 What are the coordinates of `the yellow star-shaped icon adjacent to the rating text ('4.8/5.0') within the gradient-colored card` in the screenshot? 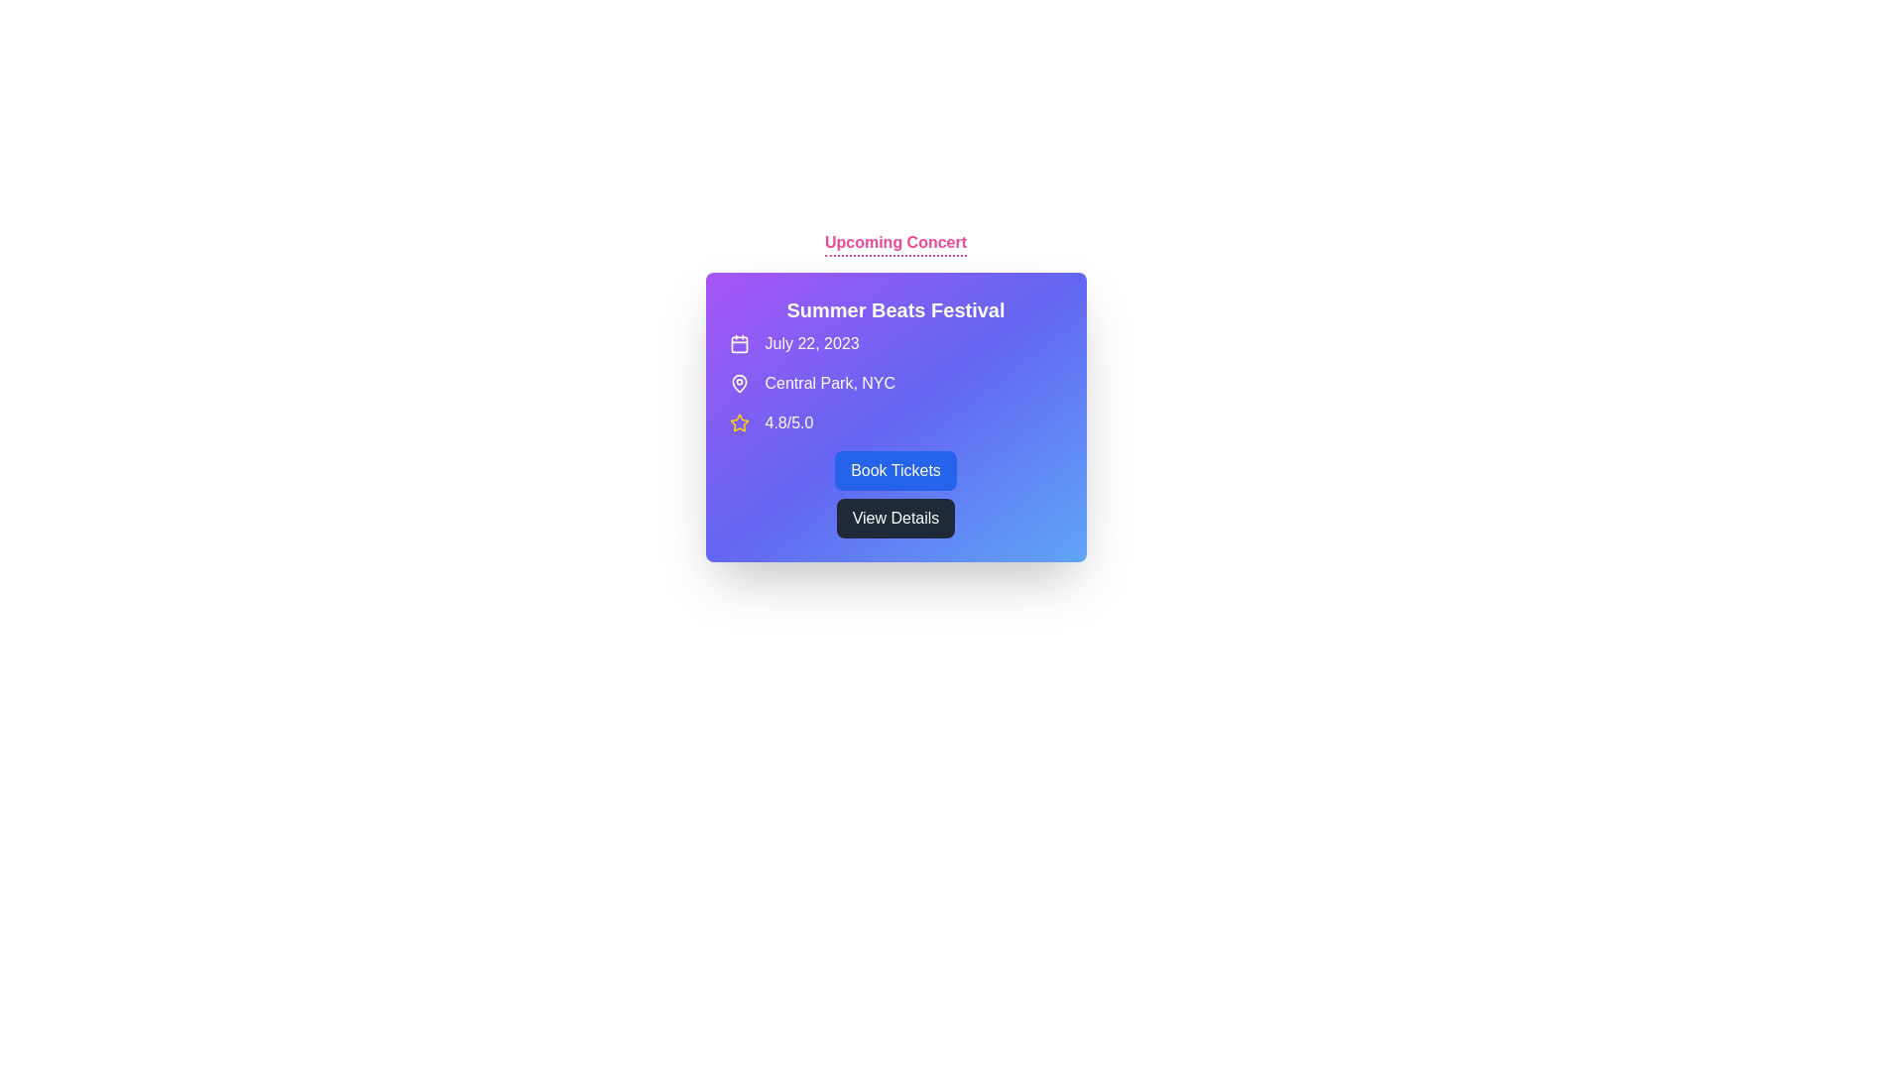 It's located at (738, 421).